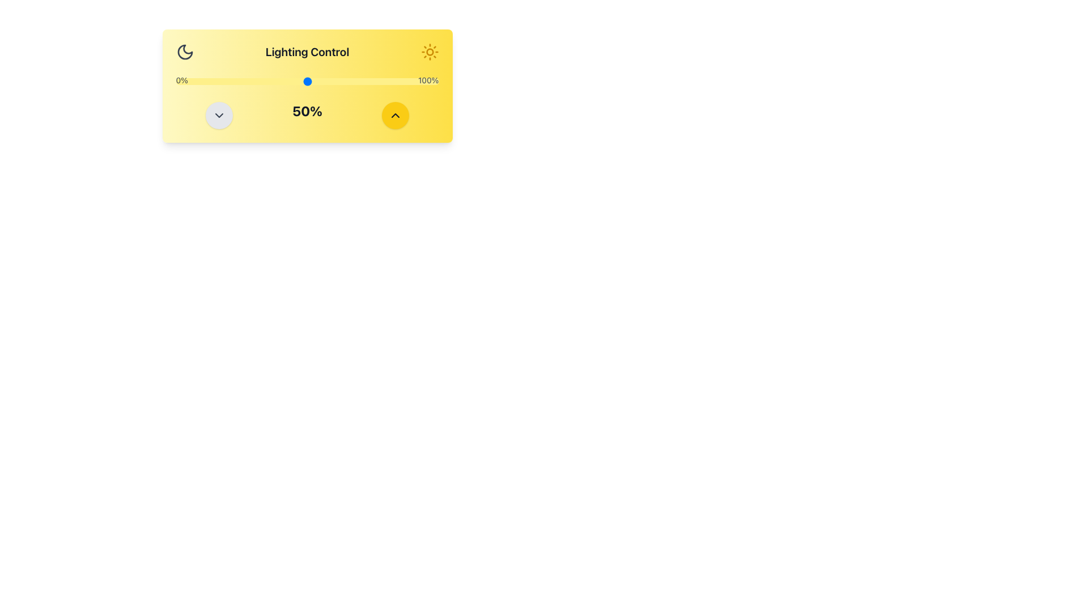 This screenshot has height=612, width=1088. Describe the element at coordinates (307, 52) in the screenshot. I see `the 'Lighting Control' text label, which is a bold, large-sized text located at the top-center of the control panel, between the moon and sun icons` at that location.